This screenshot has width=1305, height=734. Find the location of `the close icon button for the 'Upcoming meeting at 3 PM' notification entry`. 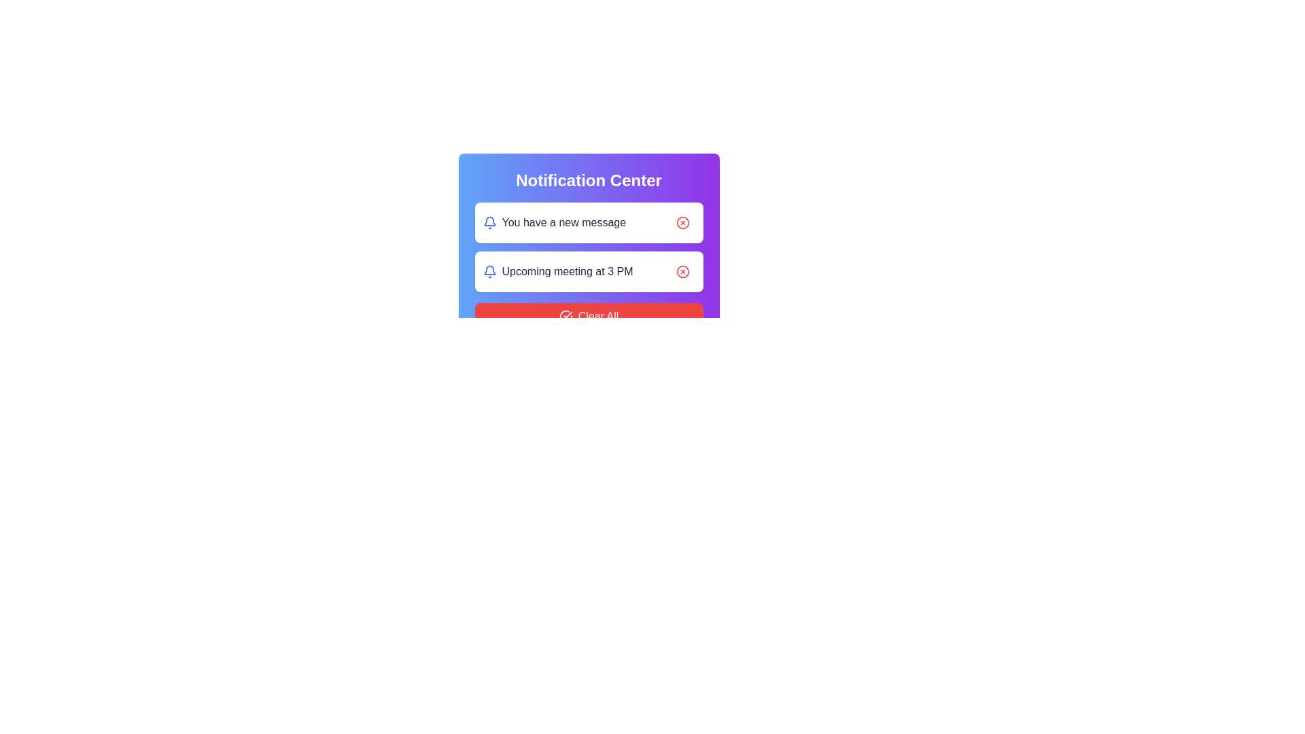

the close icon button for the 'Upcoming meeting at 3 PM' notification entry is located at coordinates (682, 272).